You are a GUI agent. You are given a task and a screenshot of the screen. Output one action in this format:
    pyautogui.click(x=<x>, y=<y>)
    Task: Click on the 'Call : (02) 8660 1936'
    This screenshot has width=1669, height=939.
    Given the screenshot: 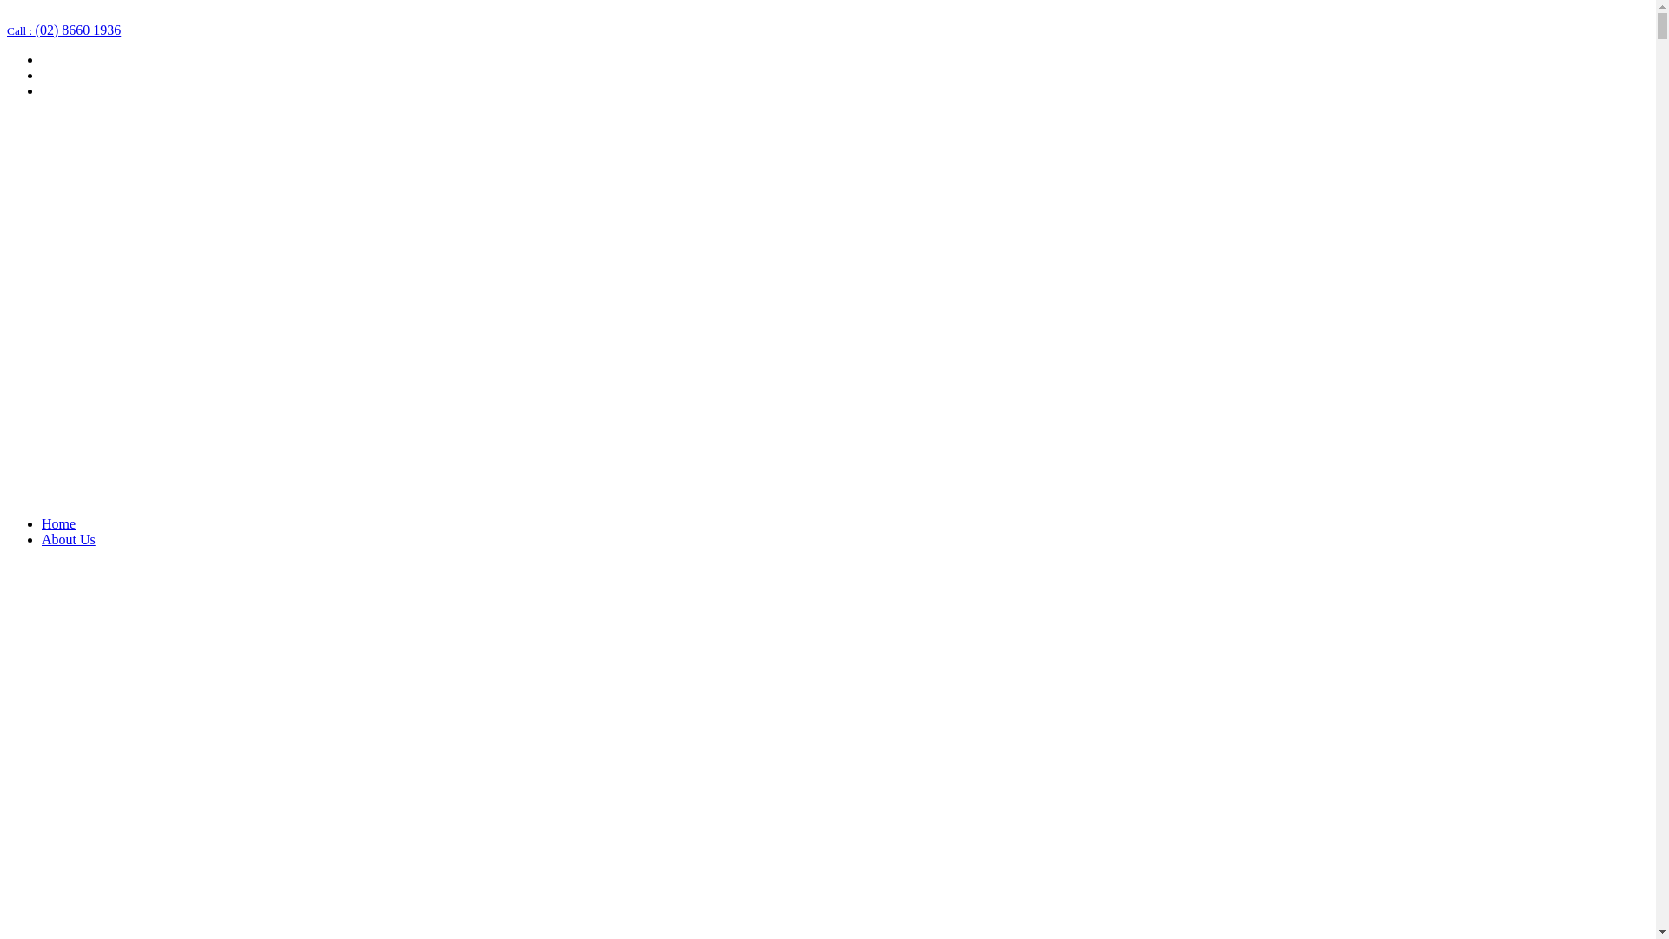 What is the action you would take?
    pyautogui.click(x=63, y=30)
    